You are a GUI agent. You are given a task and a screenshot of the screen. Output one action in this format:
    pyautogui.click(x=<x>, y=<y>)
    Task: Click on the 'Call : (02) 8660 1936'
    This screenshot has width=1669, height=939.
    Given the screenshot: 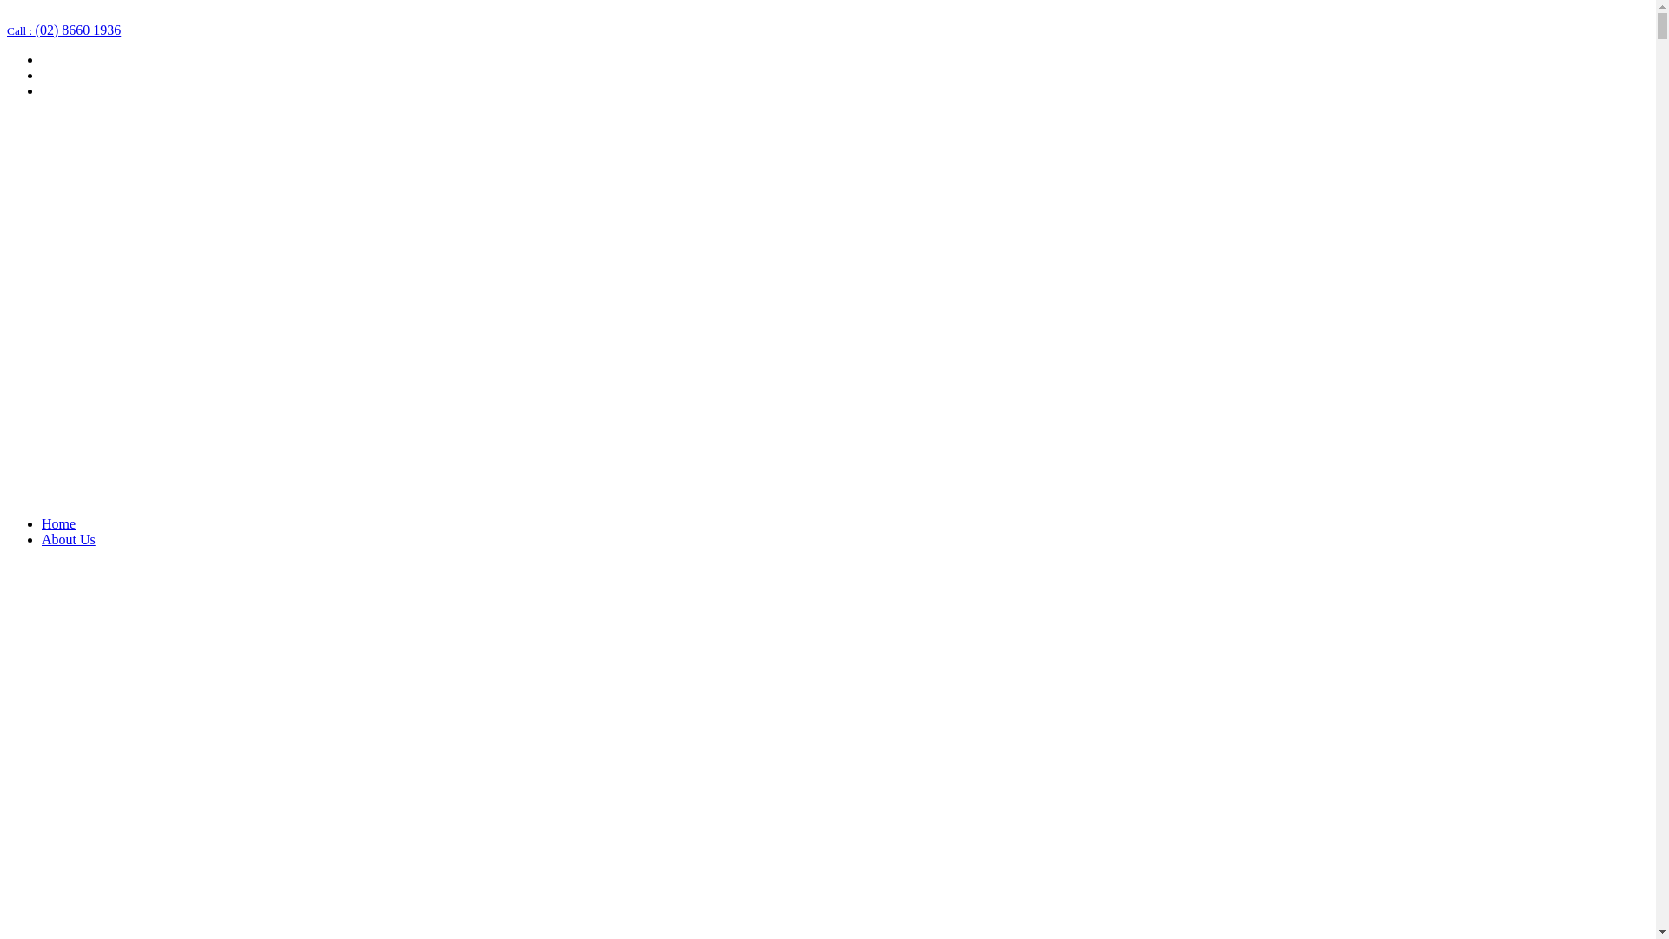 What is the action you would take?
    pyautogui.click(x=63, y=30)
    